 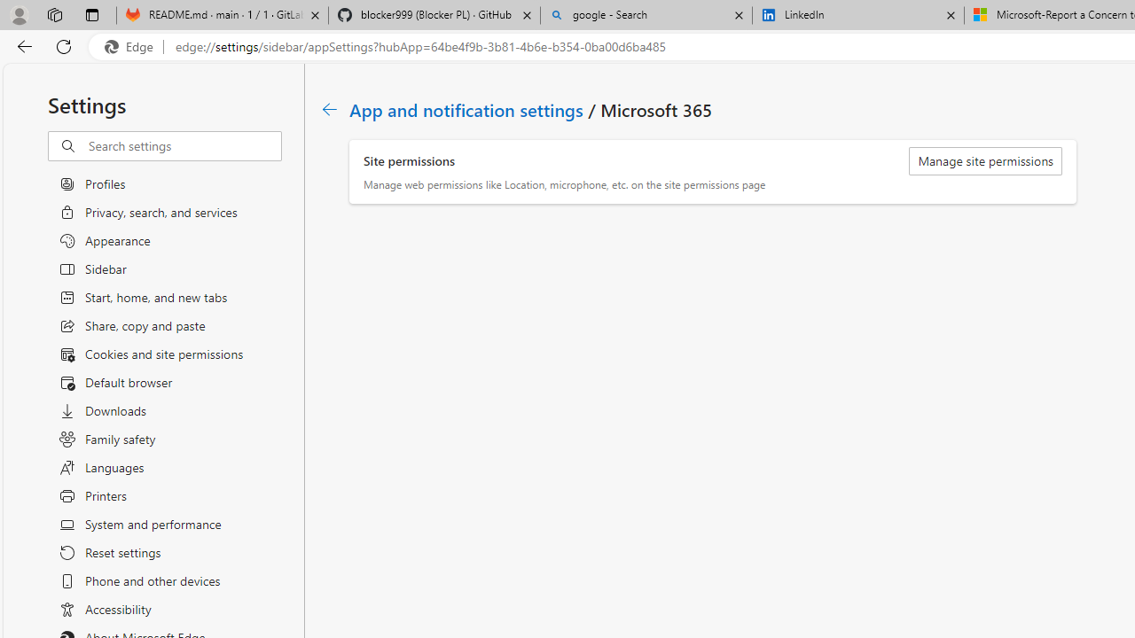 I want to click on 'App and notification settings', so click(x=467, y=109).